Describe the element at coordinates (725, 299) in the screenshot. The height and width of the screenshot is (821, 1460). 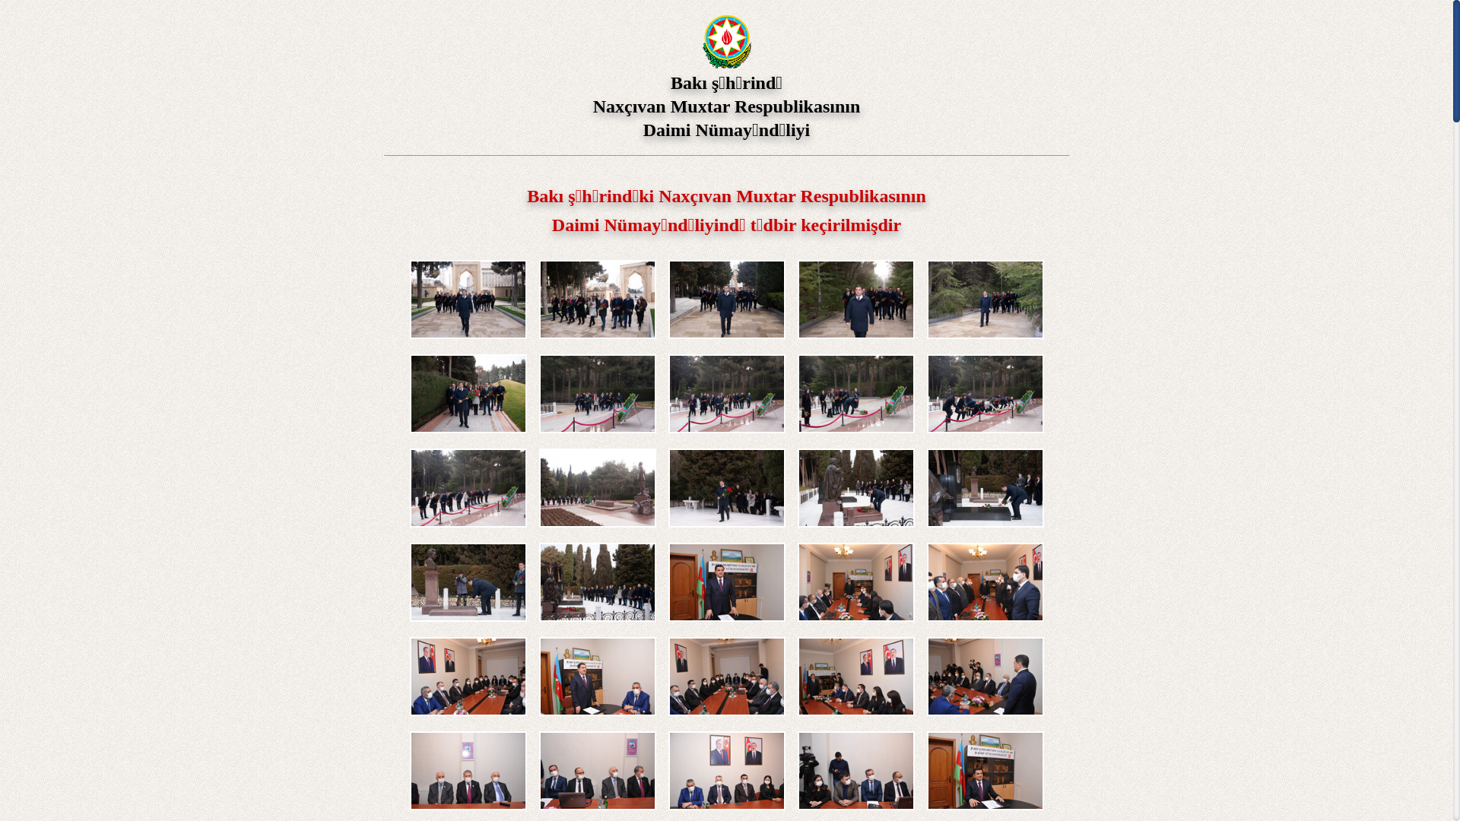
I see `'Click to enlarge'` at that location.